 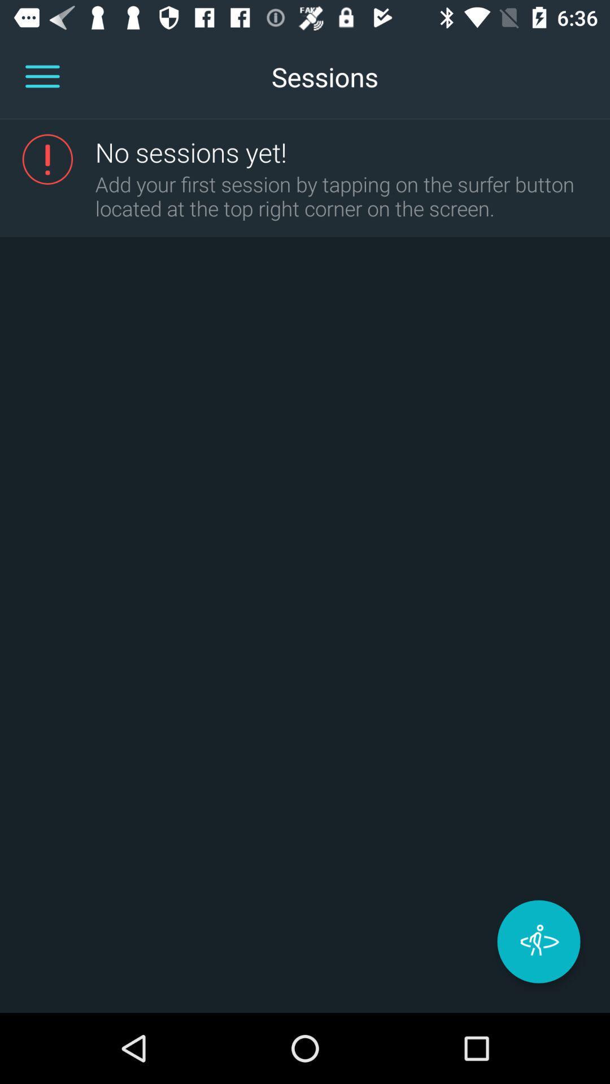 What do you see at coordinates (538, 942) in the screenshot?
I see `item below the add your first icon` at bounding box center [538, 942].